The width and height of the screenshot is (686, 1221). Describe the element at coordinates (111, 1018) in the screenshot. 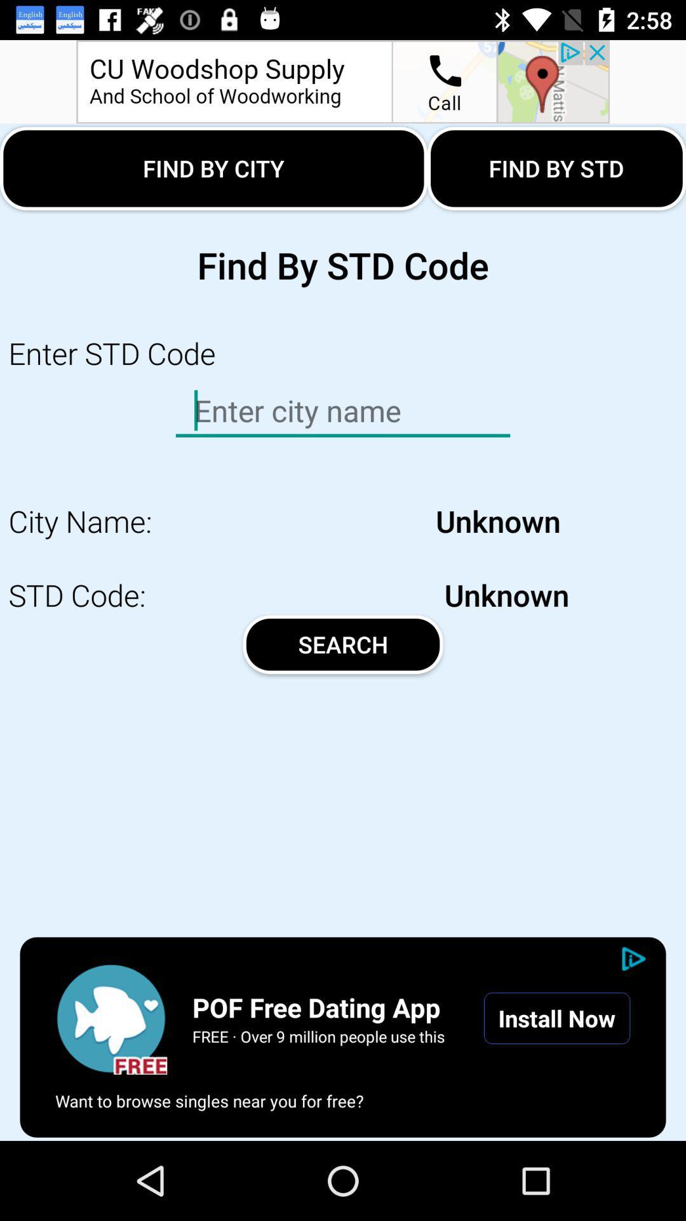

I see `logo` at that location.